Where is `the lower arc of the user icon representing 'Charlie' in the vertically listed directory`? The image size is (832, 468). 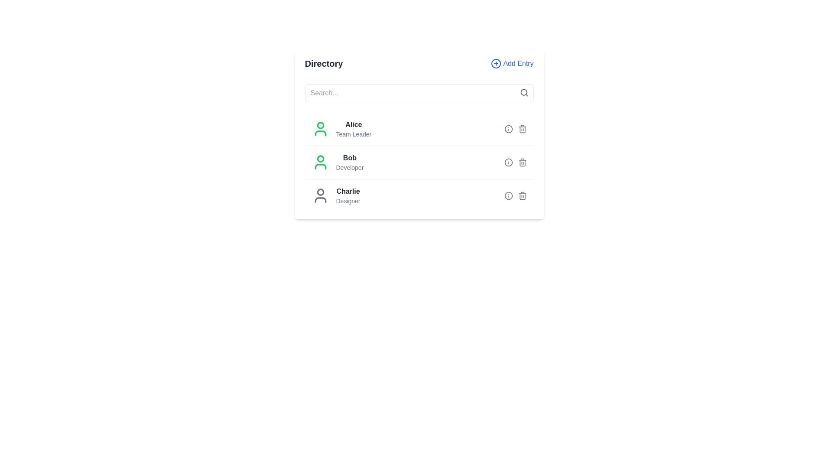 the lower arc of the user icon representing 'Charlie' in the vertically listed directory is located at coordinates (320, 200).